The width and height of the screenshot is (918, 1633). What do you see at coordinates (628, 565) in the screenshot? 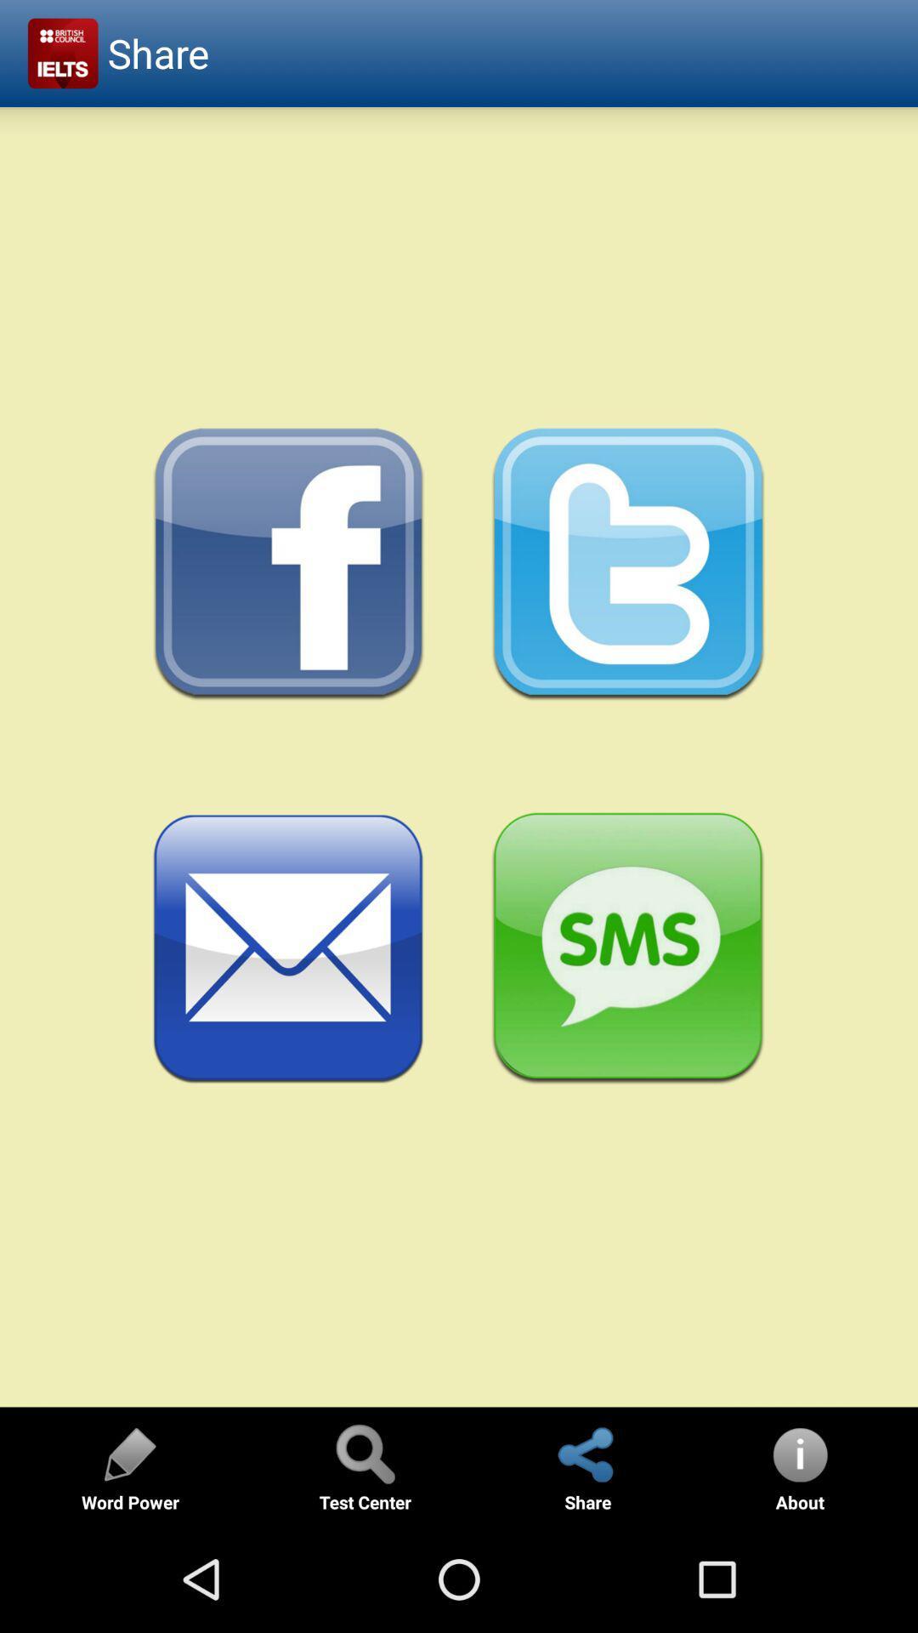
I see `share tweet` at bounding box center [628, 565].